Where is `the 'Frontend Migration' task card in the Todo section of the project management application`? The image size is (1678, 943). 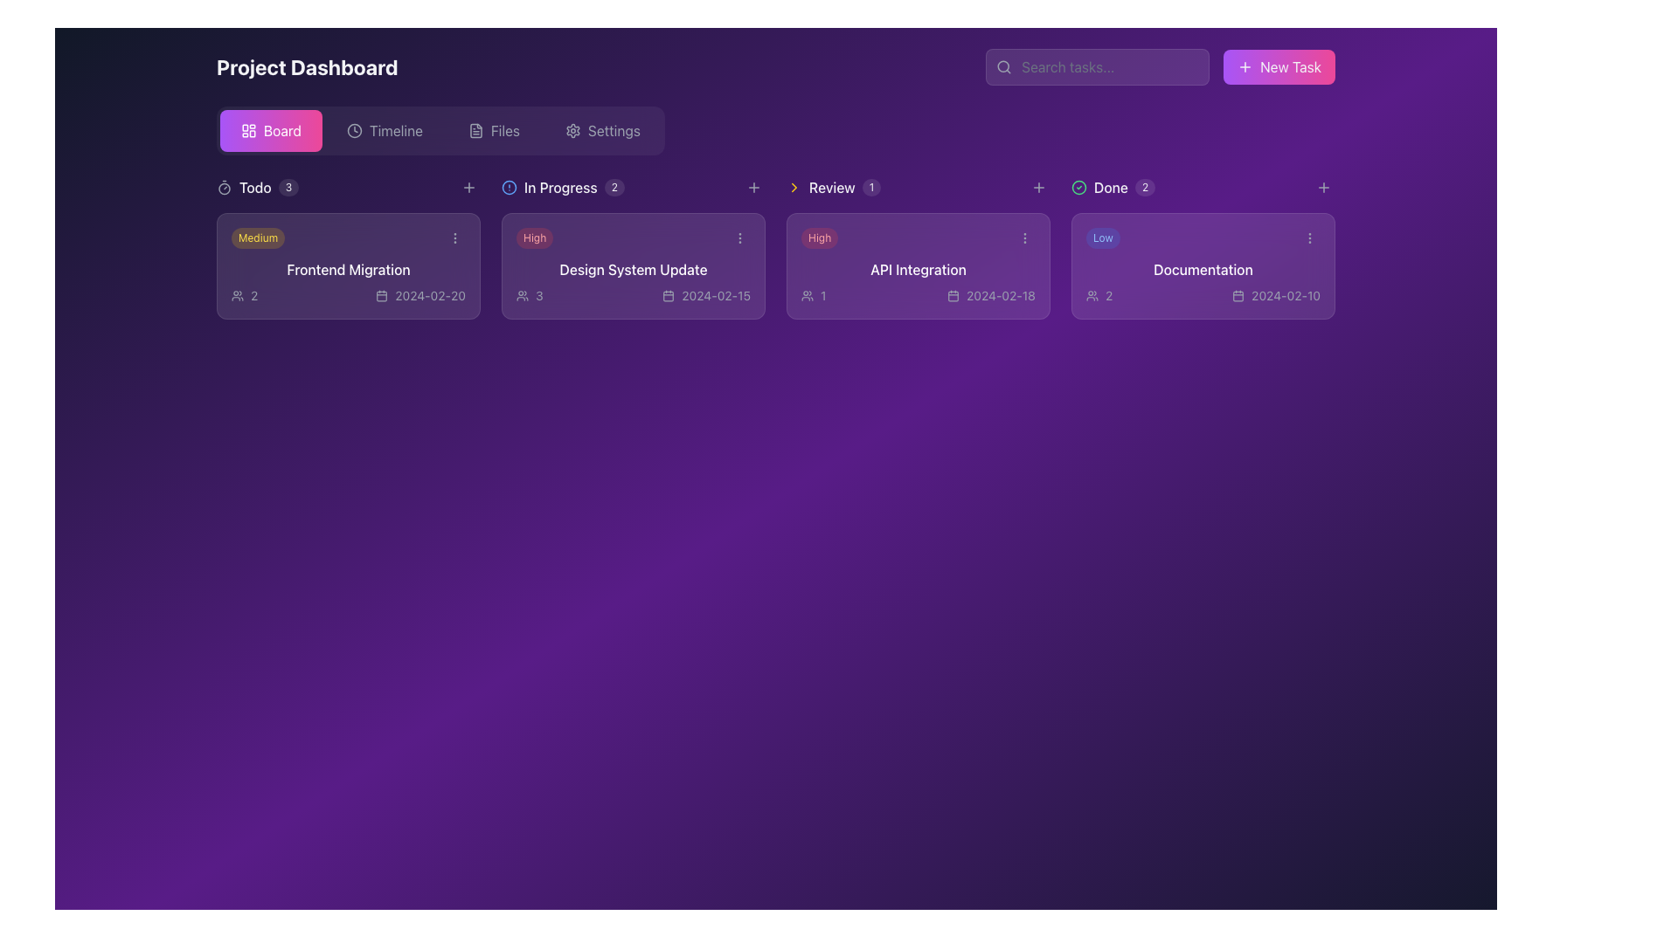
the 'Frontend Migration' task card in the Todo section of the project management application is located at coordinates (348, 265).